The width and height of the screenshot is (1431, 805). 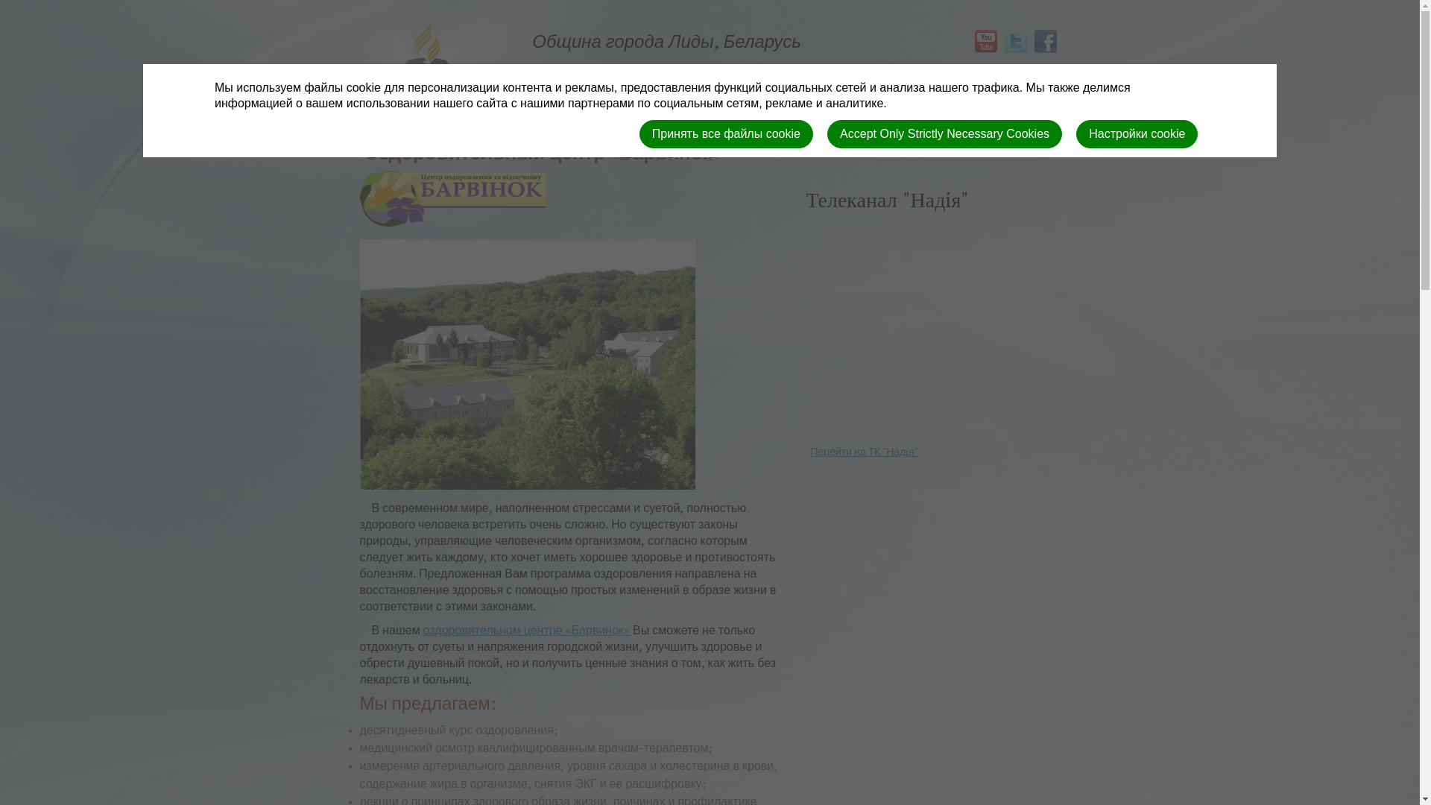 I want to click on 'Seventh-day Adventist Church logo', so click(x=424, y=88).